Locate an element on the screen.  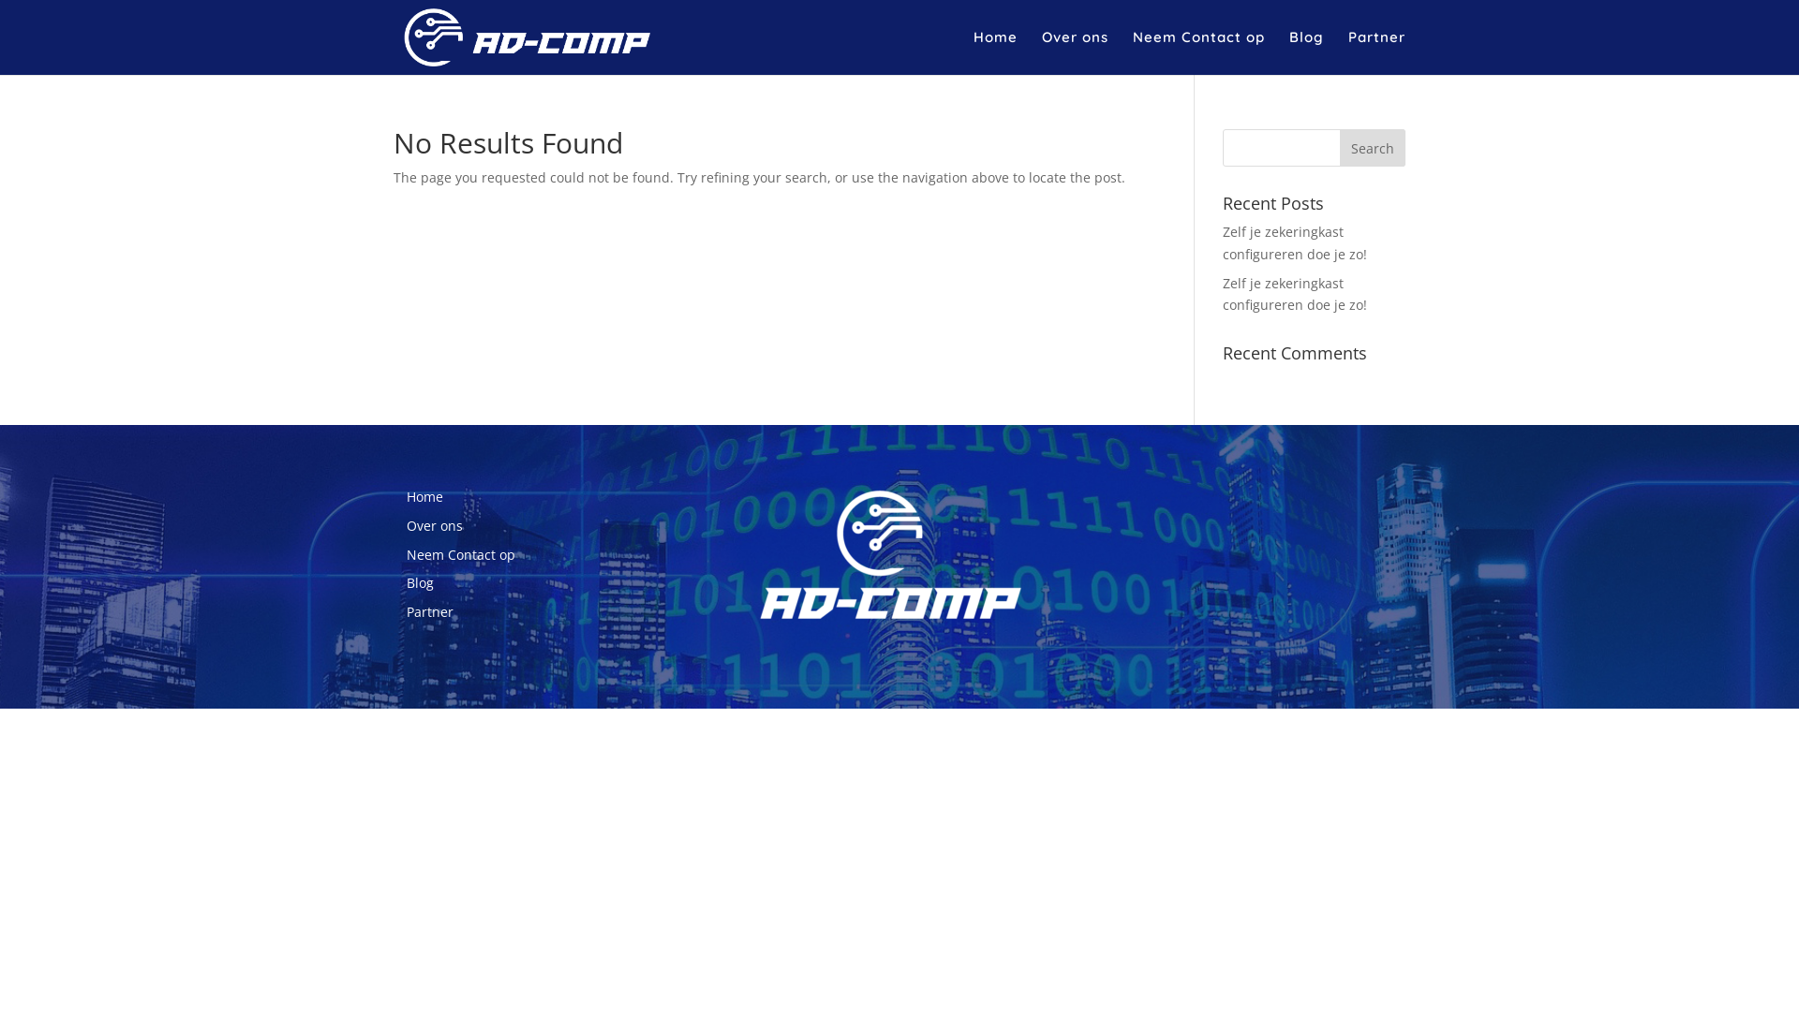
'Zelf je zekeringkast configureren doe je zo!' is located at coordinates (1294, 242).